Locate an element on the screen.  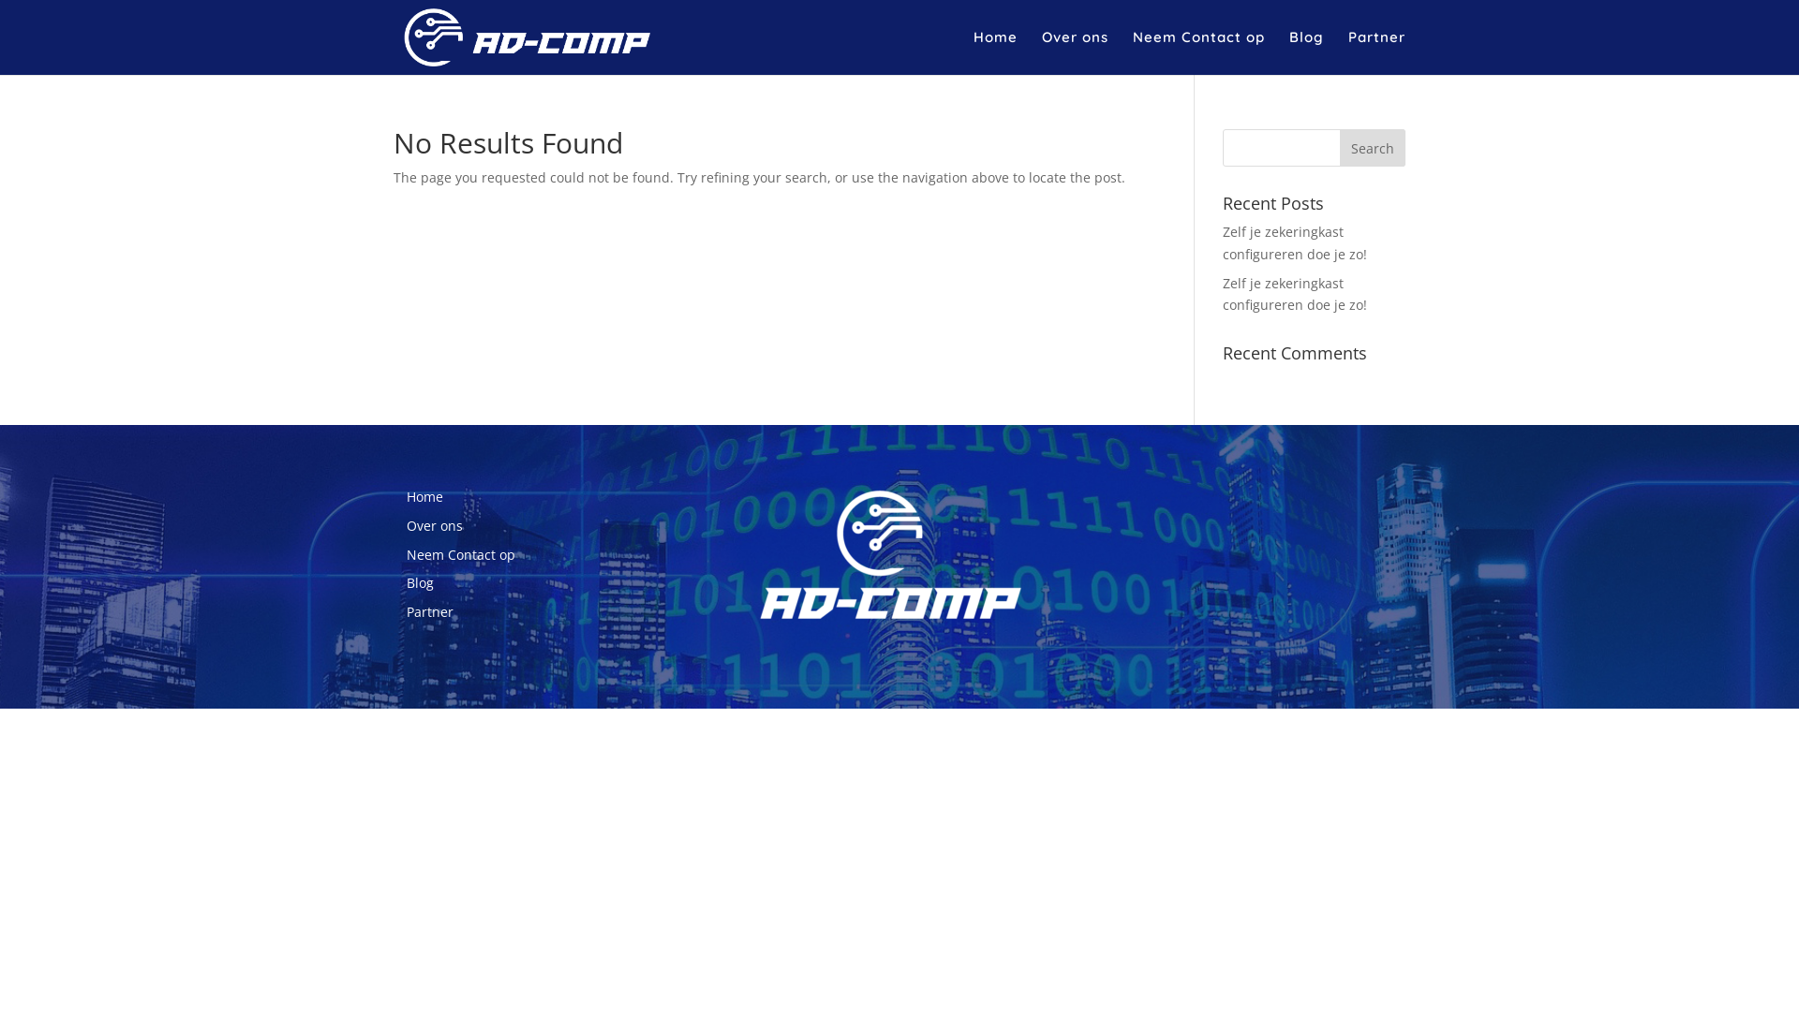
'Zelf je zekeringkast configureren doe je zo!' is located at coordinates (1294, 242).